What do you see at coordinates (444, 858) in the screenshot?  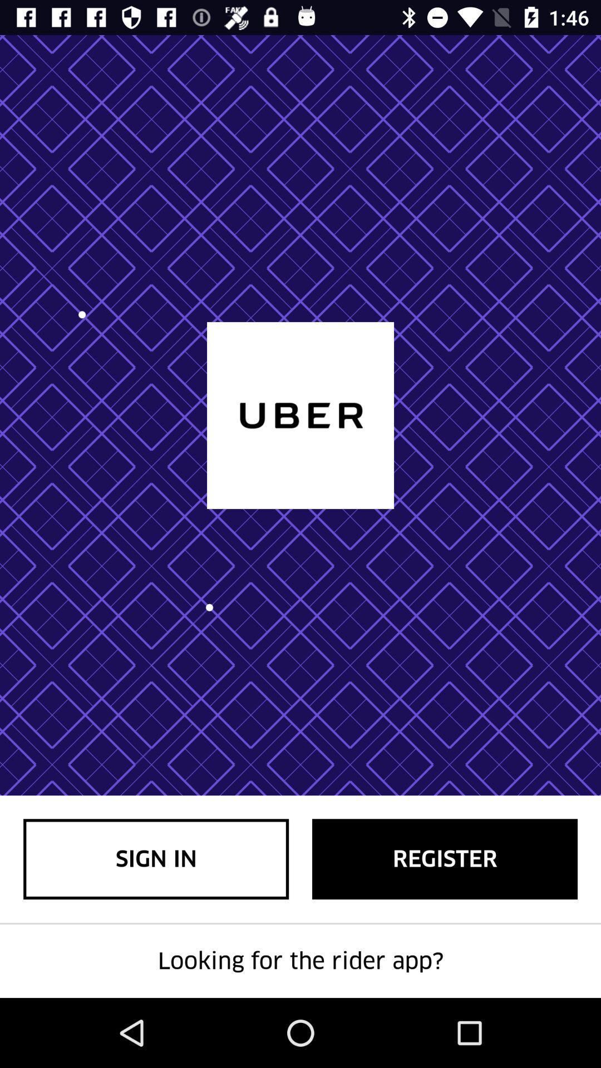 I see `the register item` at bounding box center [444, 858].